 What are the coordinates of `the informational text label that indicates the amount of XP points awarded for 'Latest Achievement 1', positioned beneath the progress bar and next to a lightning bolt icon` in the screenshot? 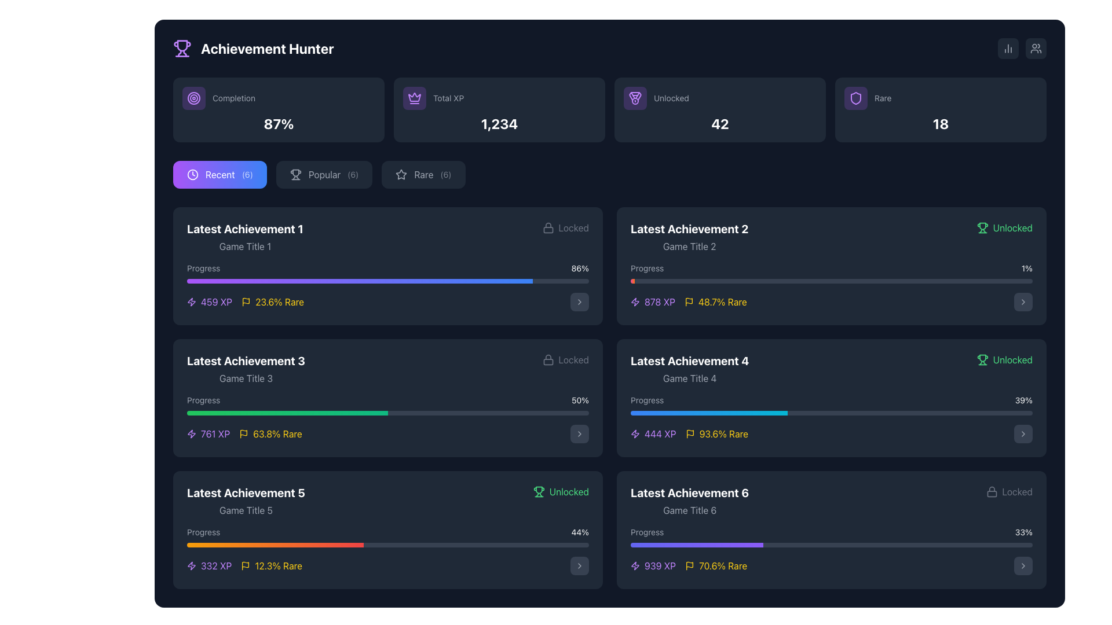 It's located at (217, 301).